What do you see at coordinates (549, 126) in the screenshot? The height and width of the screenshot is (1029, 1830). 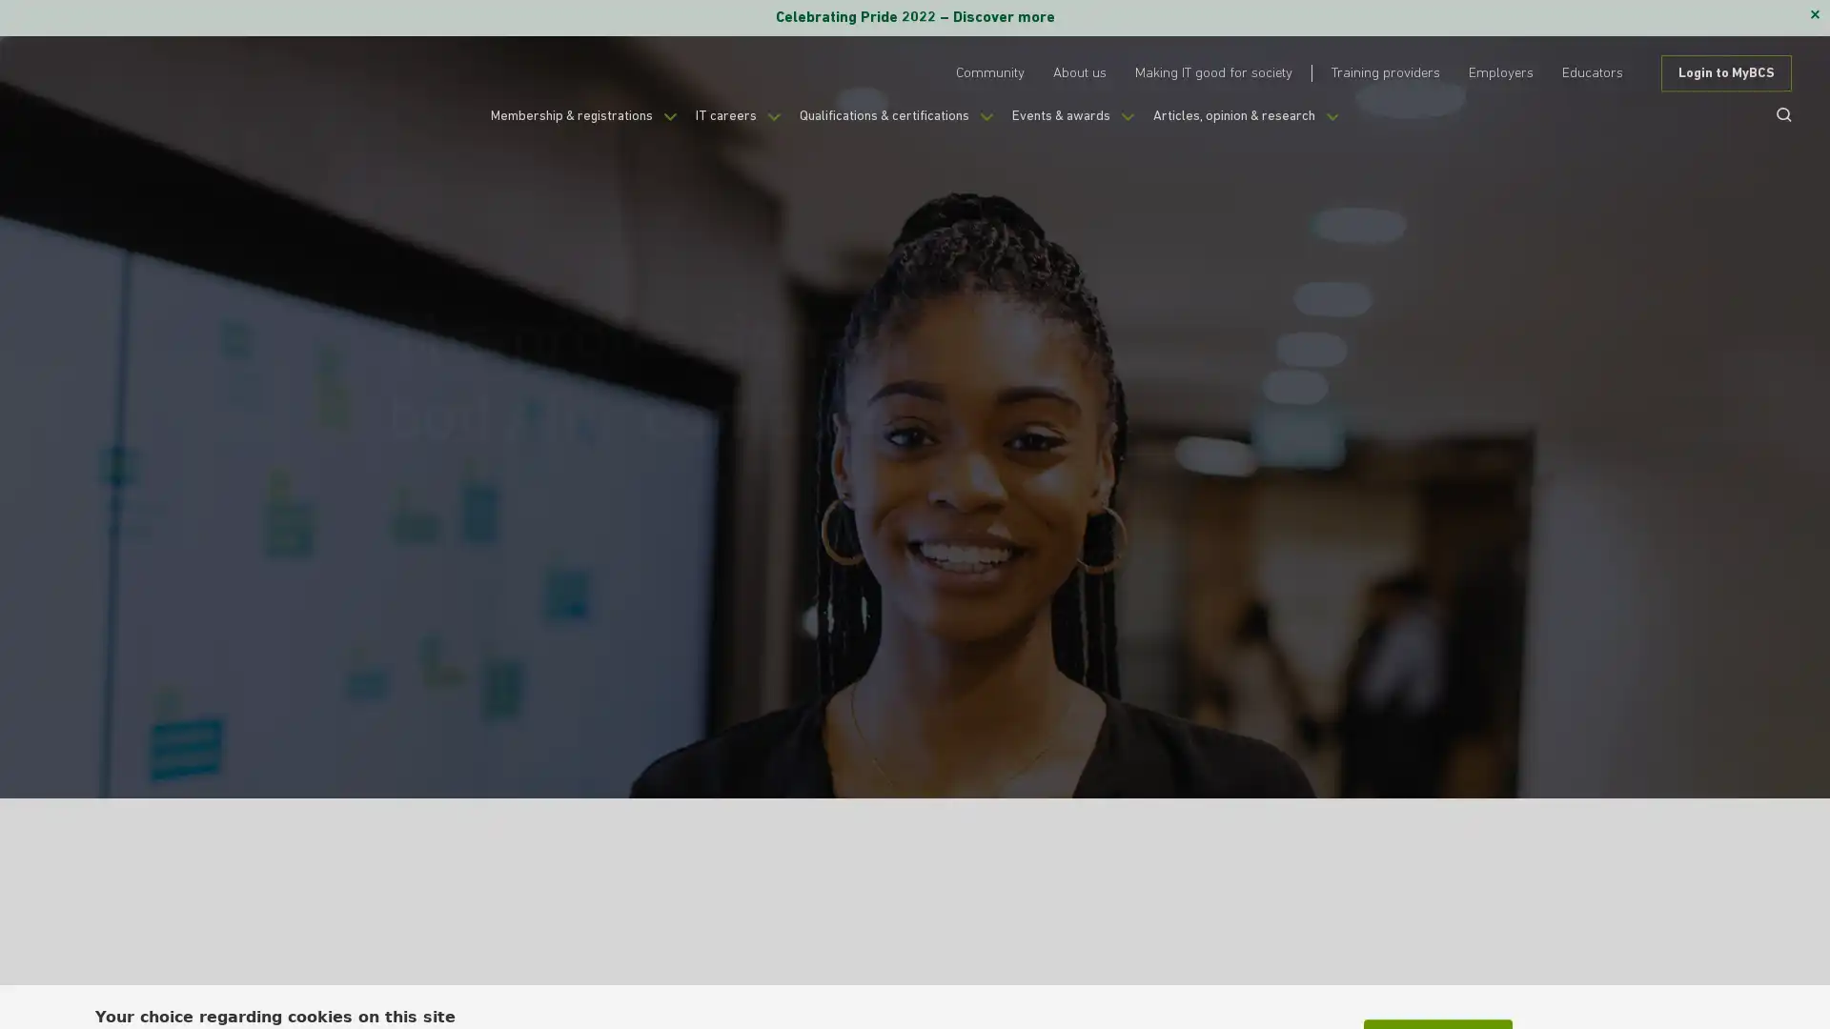 I see `Membership & registrations` at bounding box center [549, 126].